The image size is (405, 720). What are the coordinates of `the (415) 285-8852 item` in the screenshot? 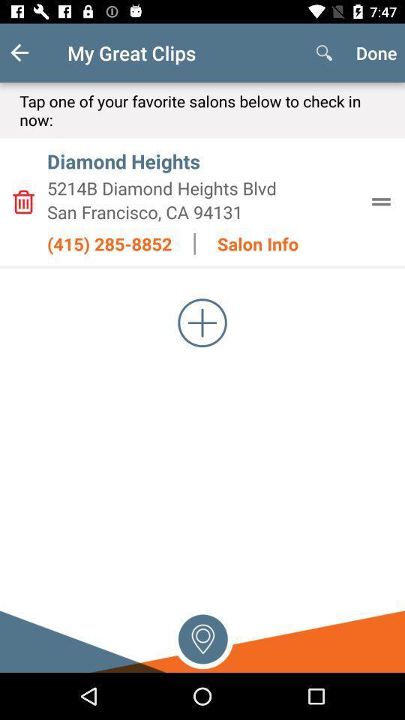 It's located at (109, 244).